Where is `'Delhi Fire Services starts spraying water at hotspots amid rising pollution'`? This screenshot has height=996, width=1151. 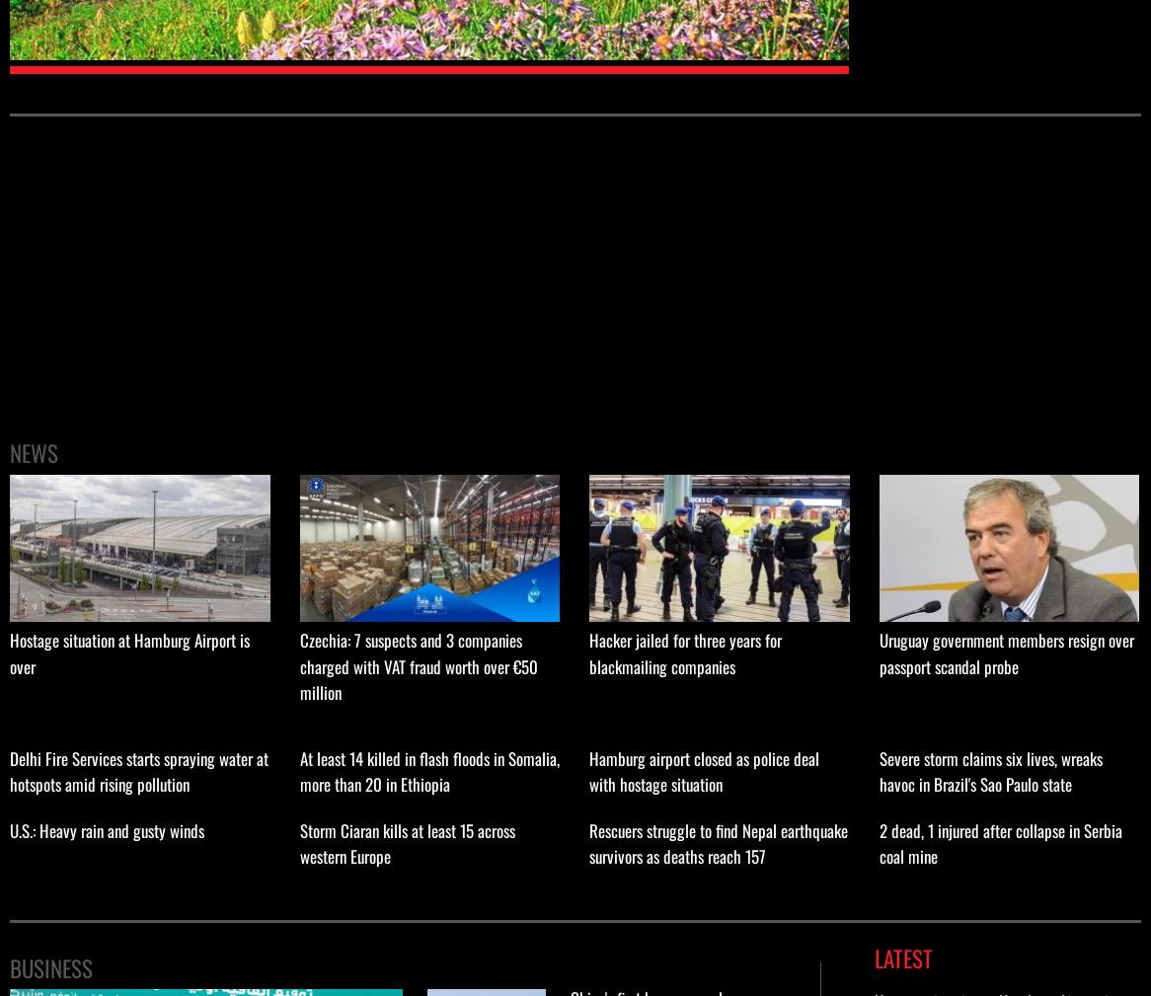
'Delhi Fire Services starts spraying water at hotspots amid rising pollution' is located at coordinates (138, 770).